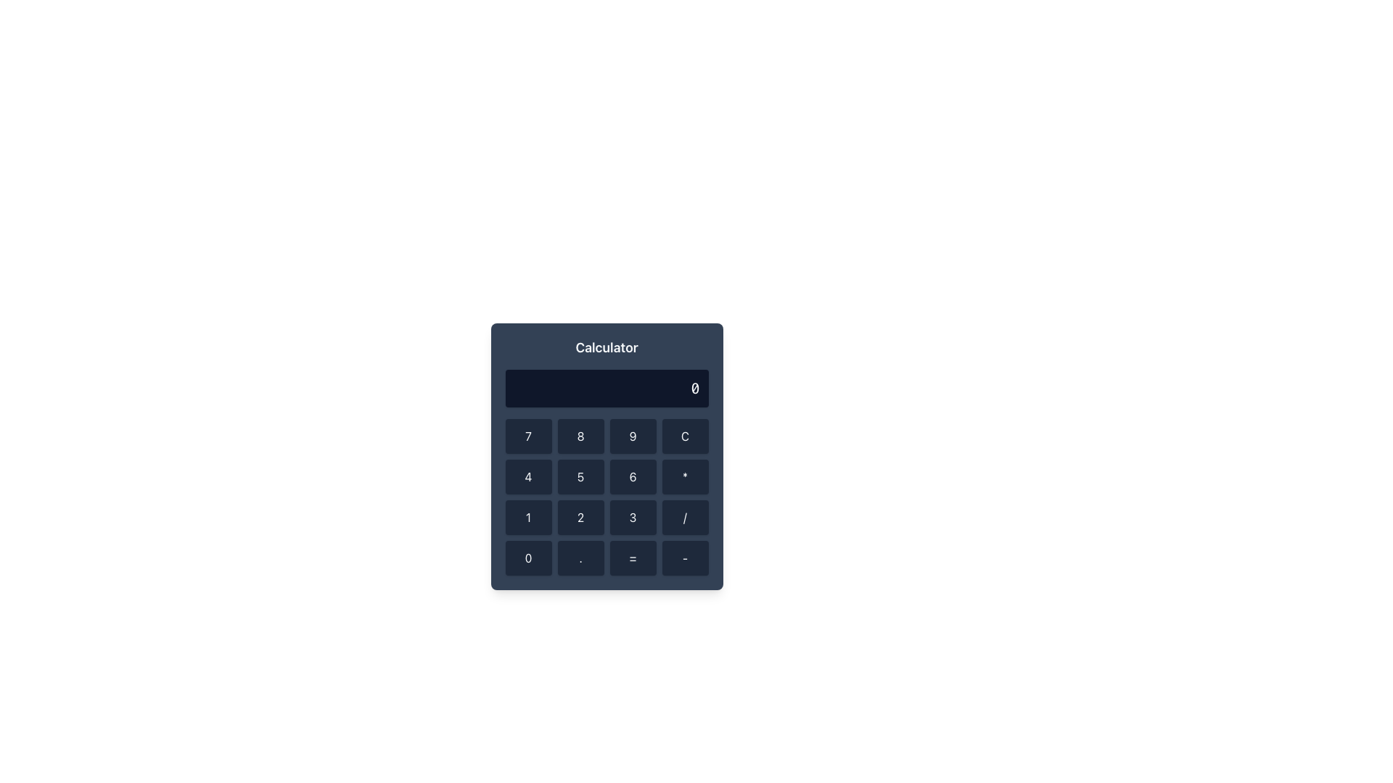  Describe the element at coordinates (580, 516) in the screenshot. I see `the button labeled '2' in the numerical keypad interface to input the number` at that location.